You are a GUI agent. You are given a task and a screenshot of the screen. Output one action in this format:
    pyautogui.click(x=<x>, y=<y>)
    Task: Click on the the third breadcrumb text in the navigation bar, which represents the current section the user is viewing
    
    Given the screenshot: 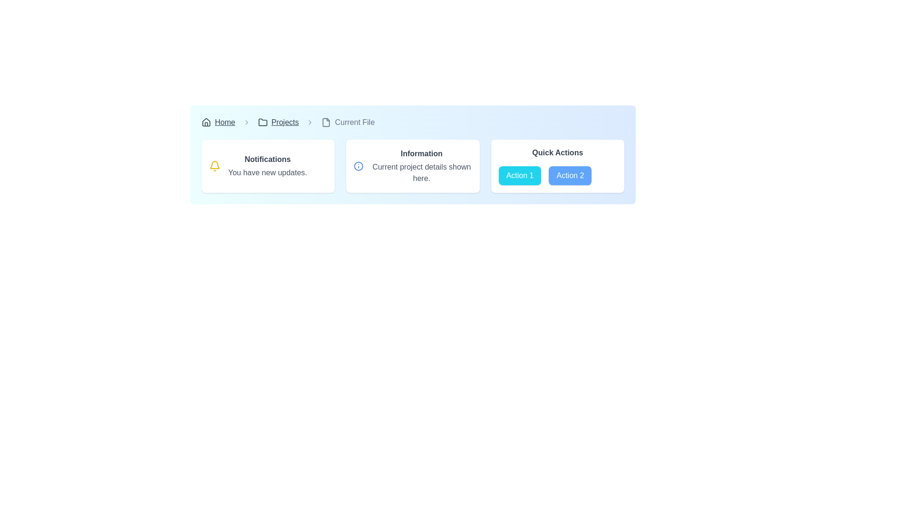 What is the action you would take?
    pyautogui.click(x=348, y=122)
    